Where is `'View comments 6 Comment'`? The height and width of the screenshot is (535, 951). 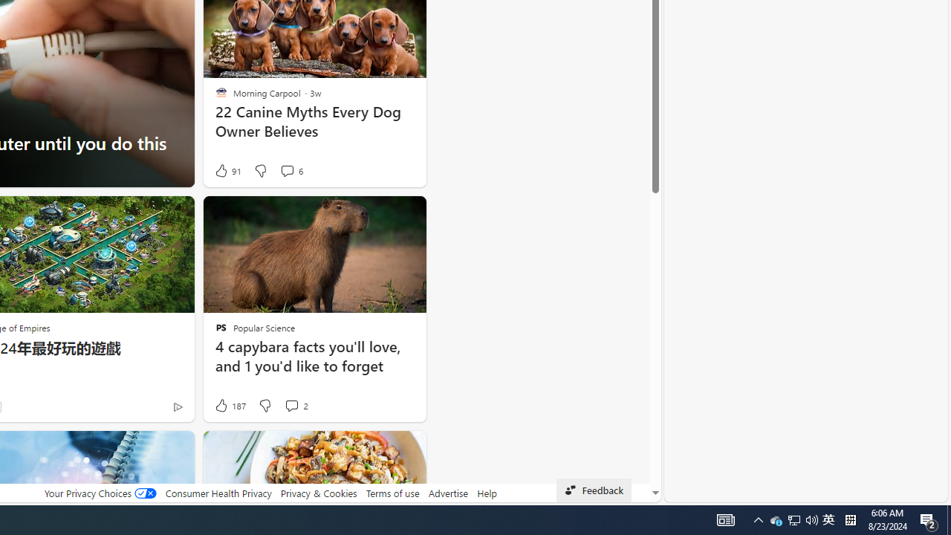
'View comments 6 Comment' is located at coordinates (291, 170).